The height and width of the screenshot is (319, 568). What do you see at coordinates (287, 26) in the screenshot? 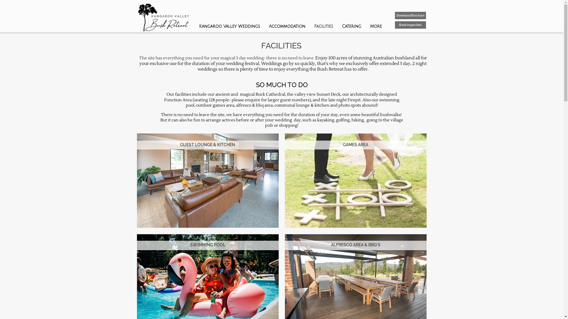
I see `'Accommodation'` at bounding box center [287, 26].